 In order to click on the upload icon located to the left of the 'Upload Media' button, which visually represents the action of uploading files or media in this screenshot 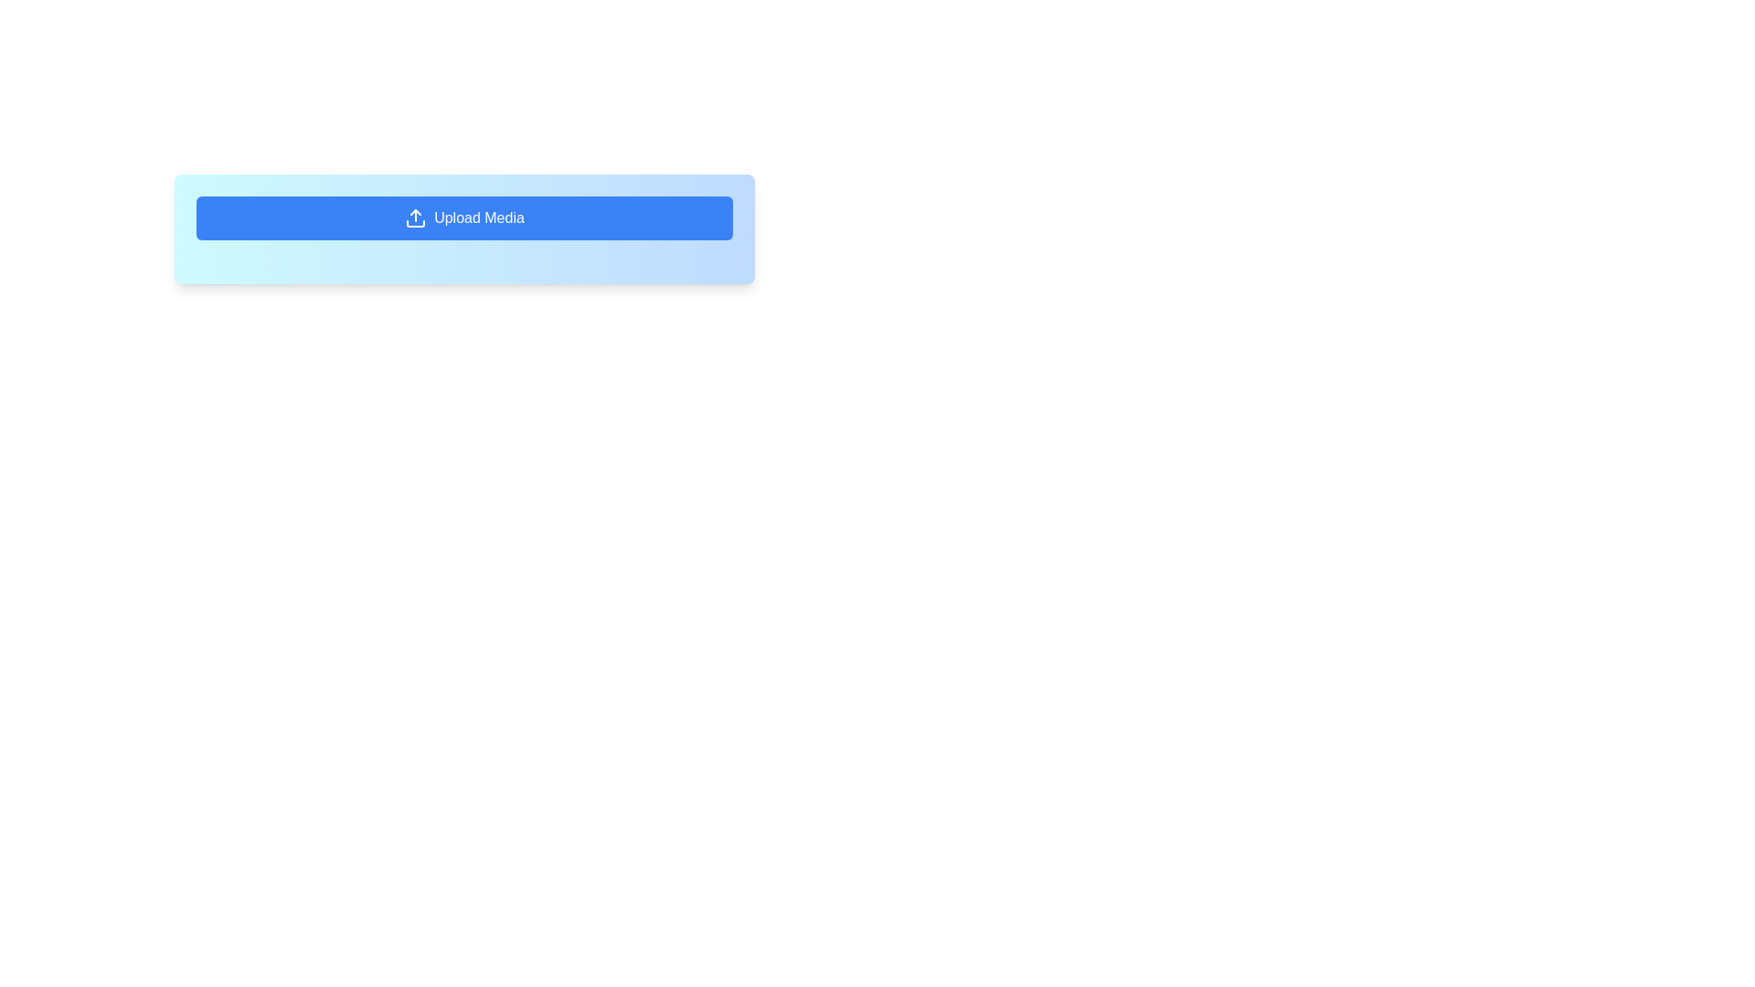, I will do `click(415, 218)`.